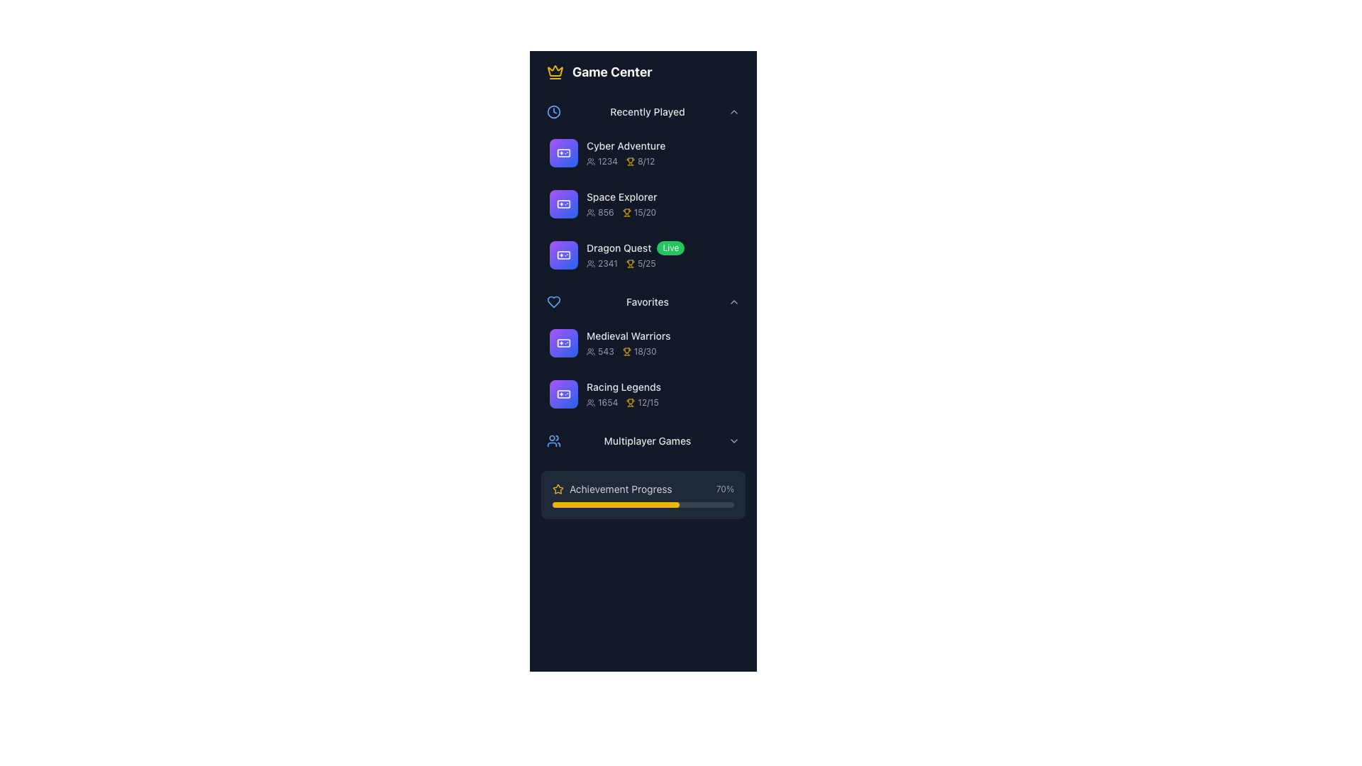  What do you see at coordinates (600, 351) in the screenshot?
I see `the text and icon element displaying '543' in light gray font, which represents a group of people and is located at the top-left corner of the 'Medieval Warriors' list item` at bounding box center [600, 351].